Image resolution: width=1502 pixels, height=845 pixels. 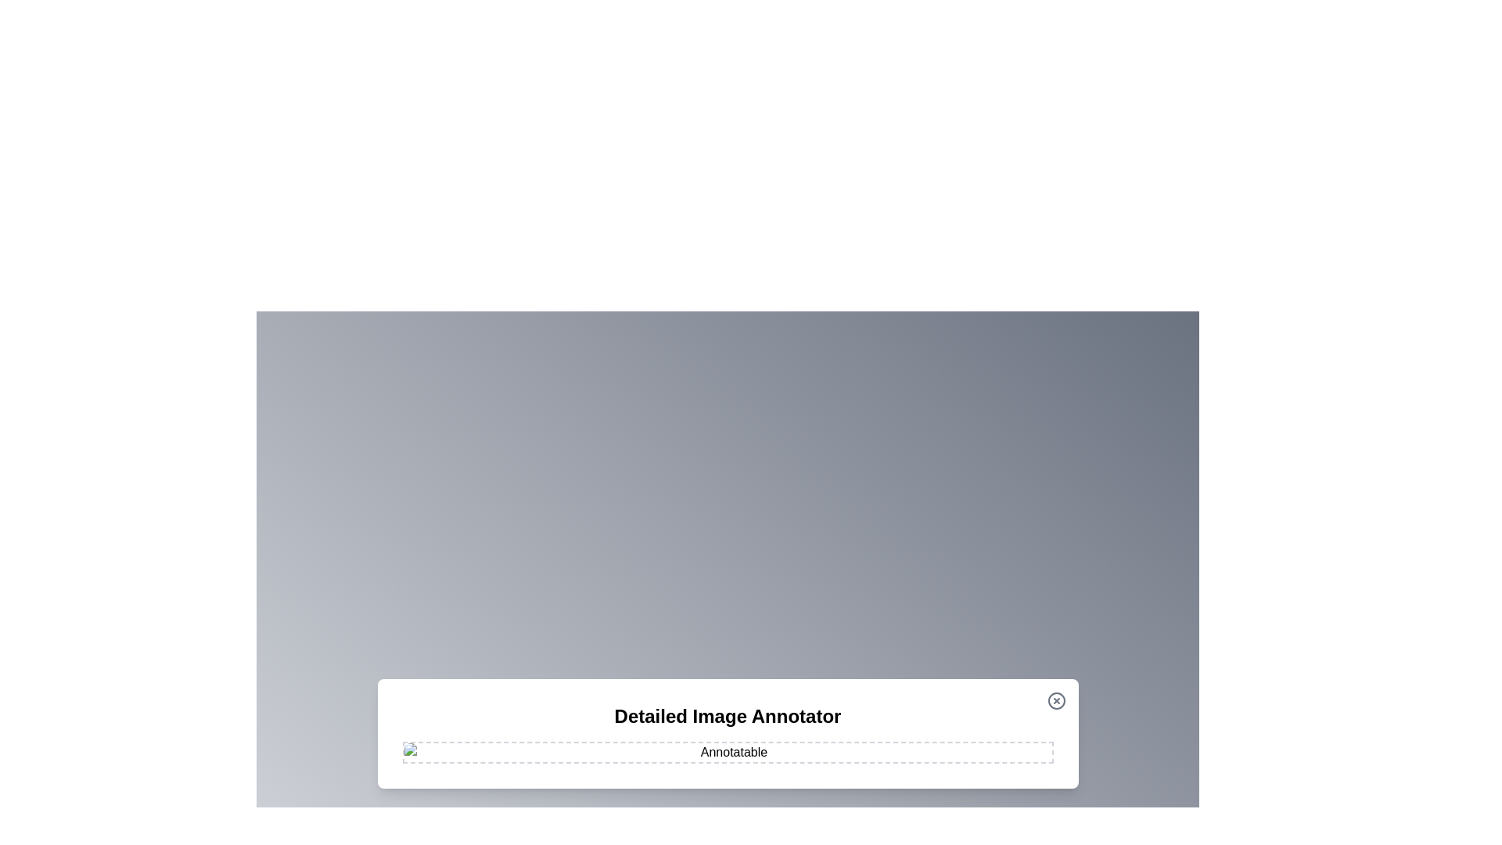 I want to click on the image at coordinates (537, 968) to add an annotation, so click(x=420, y=757).